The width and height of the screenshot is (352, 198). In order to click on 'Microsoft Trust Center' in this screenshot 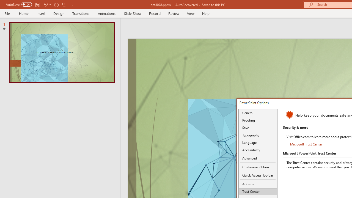, I will do `click(306, 144)`.